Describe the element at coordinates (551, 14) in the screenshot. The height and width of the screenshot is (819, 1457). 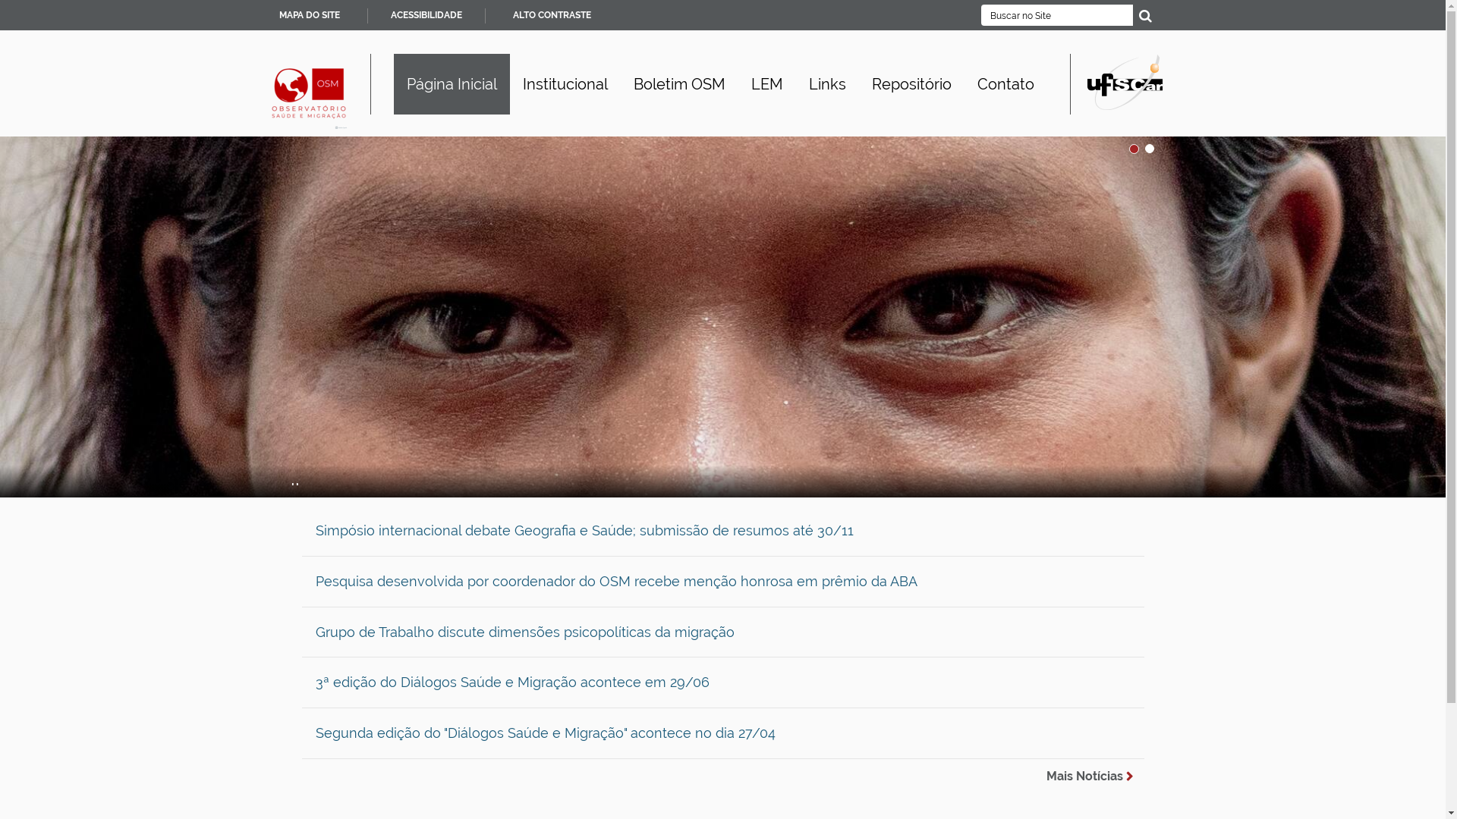
I see `'ALTO CONTRASTE'` at that location.